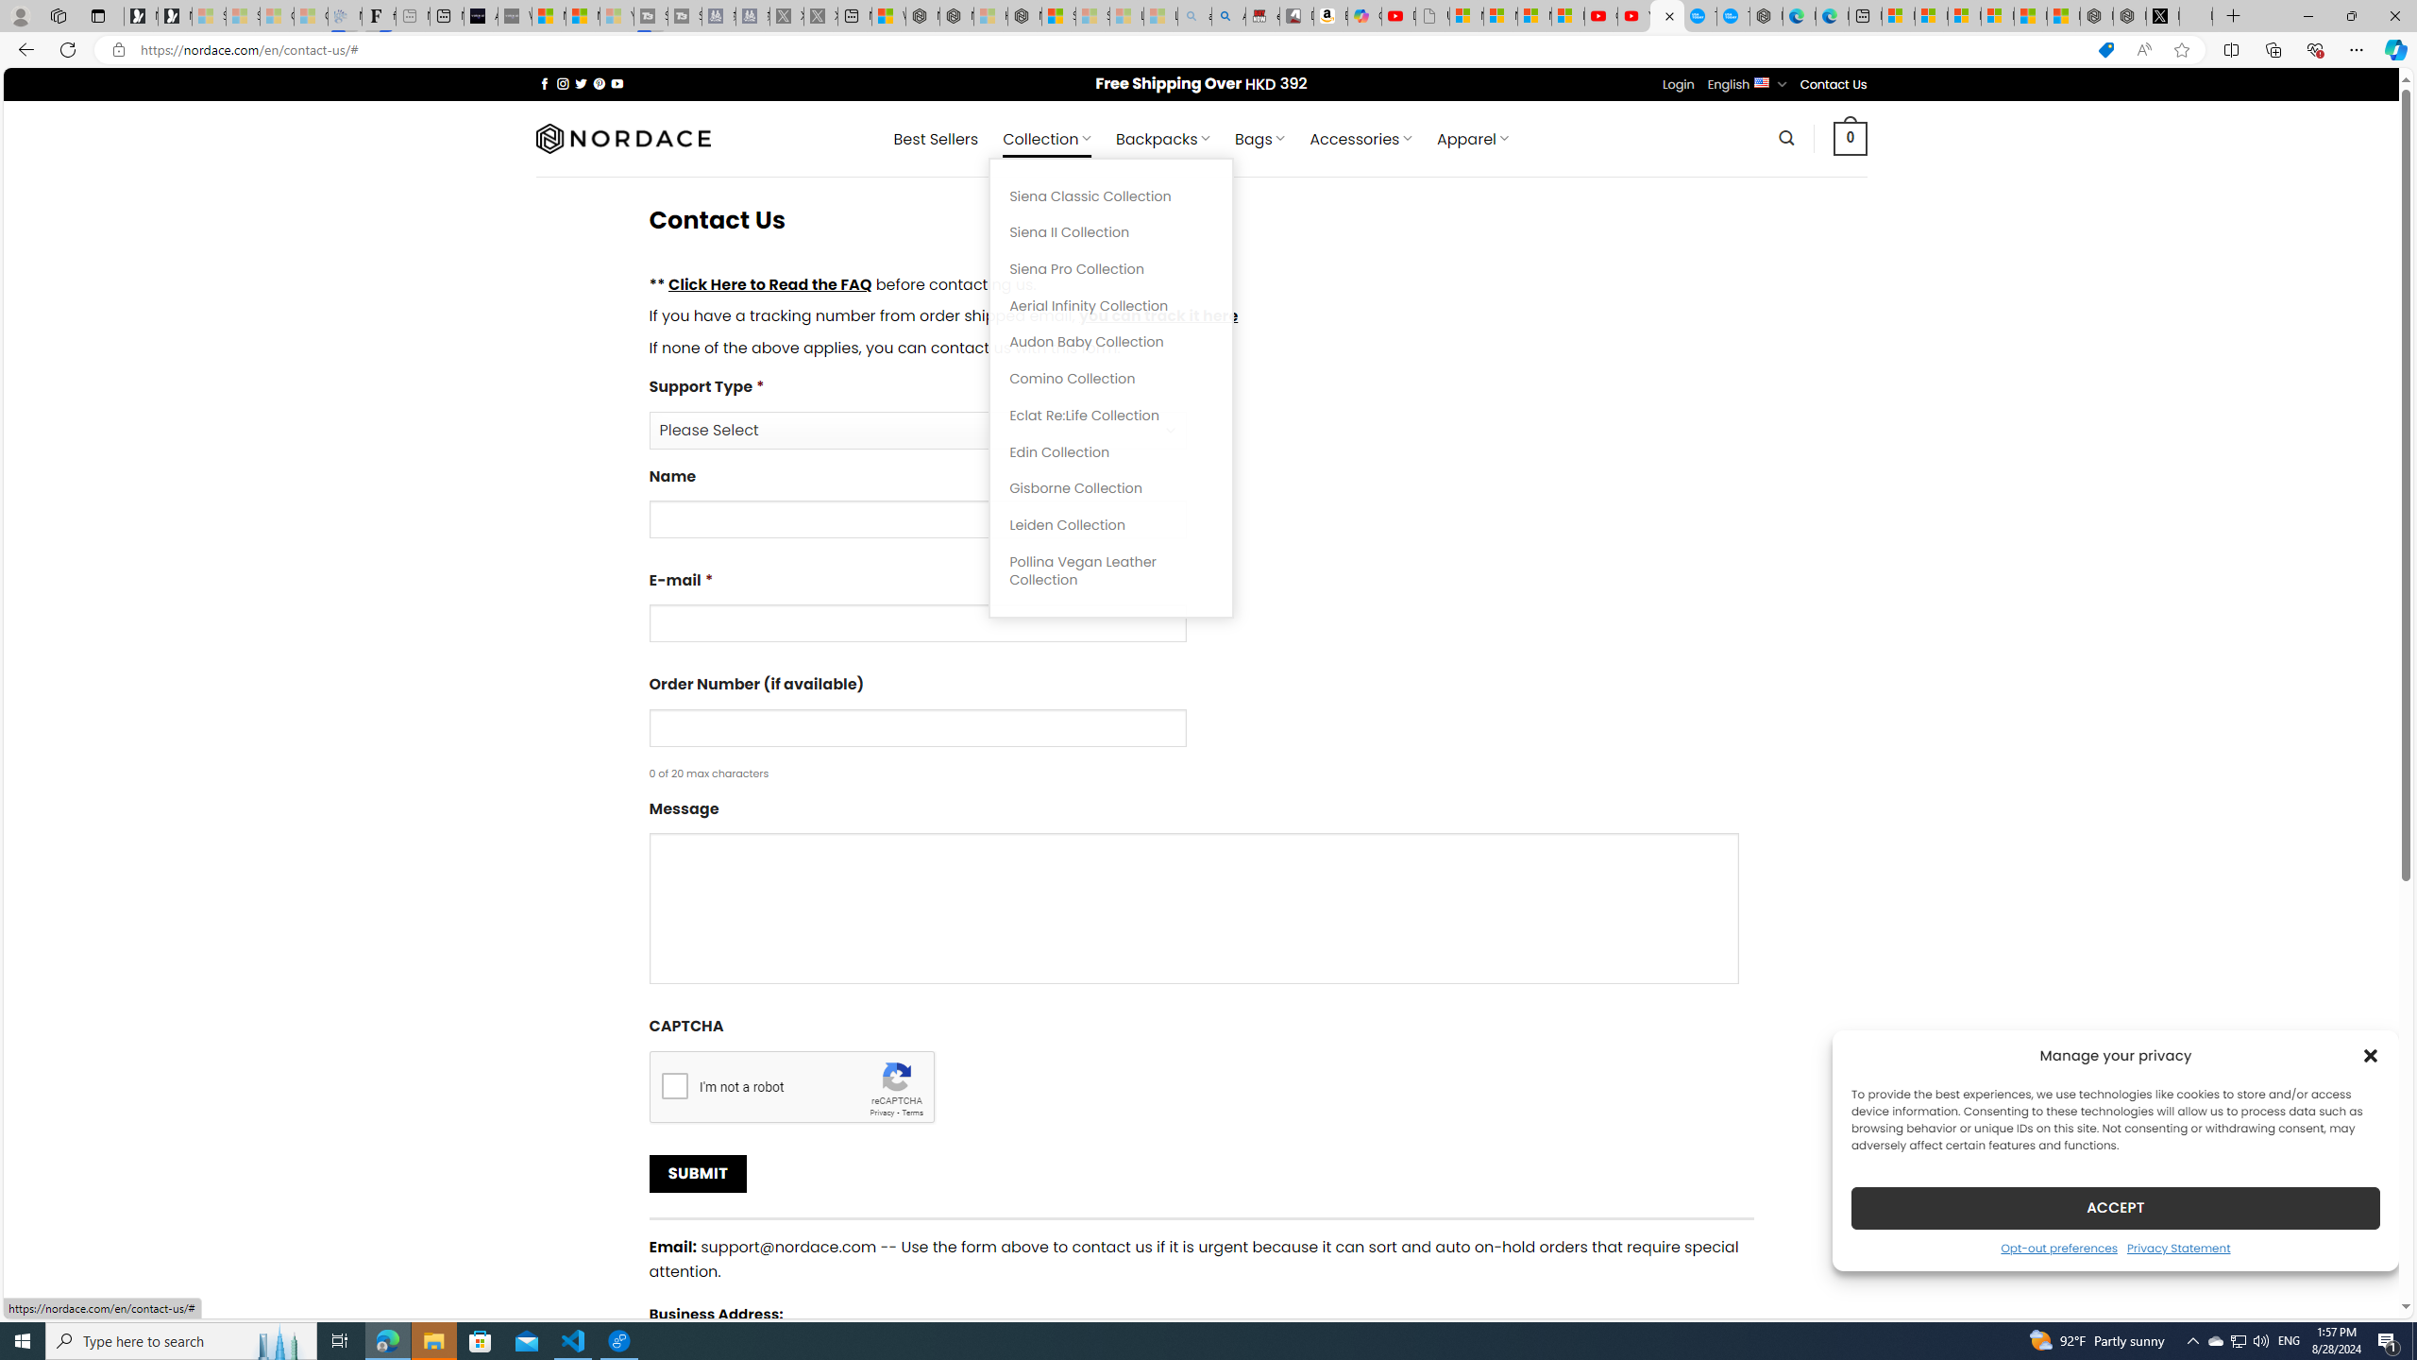 This screenshot has width=2417, height=1360. I want to click on 'Day 1: Arriving in Yemen (surreal to be here) - YouTube', so click(1396, 15).